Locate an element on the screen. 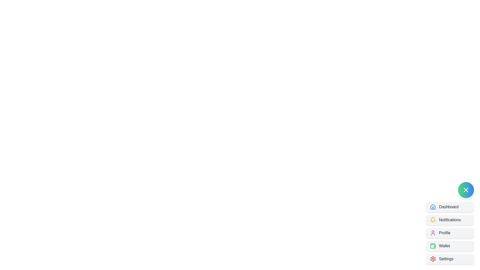 The width and height of the screenshot is (480, 270). the interactive button labeled 'Notifications' with a yellow bell icon is located at coordinates (450, 222).